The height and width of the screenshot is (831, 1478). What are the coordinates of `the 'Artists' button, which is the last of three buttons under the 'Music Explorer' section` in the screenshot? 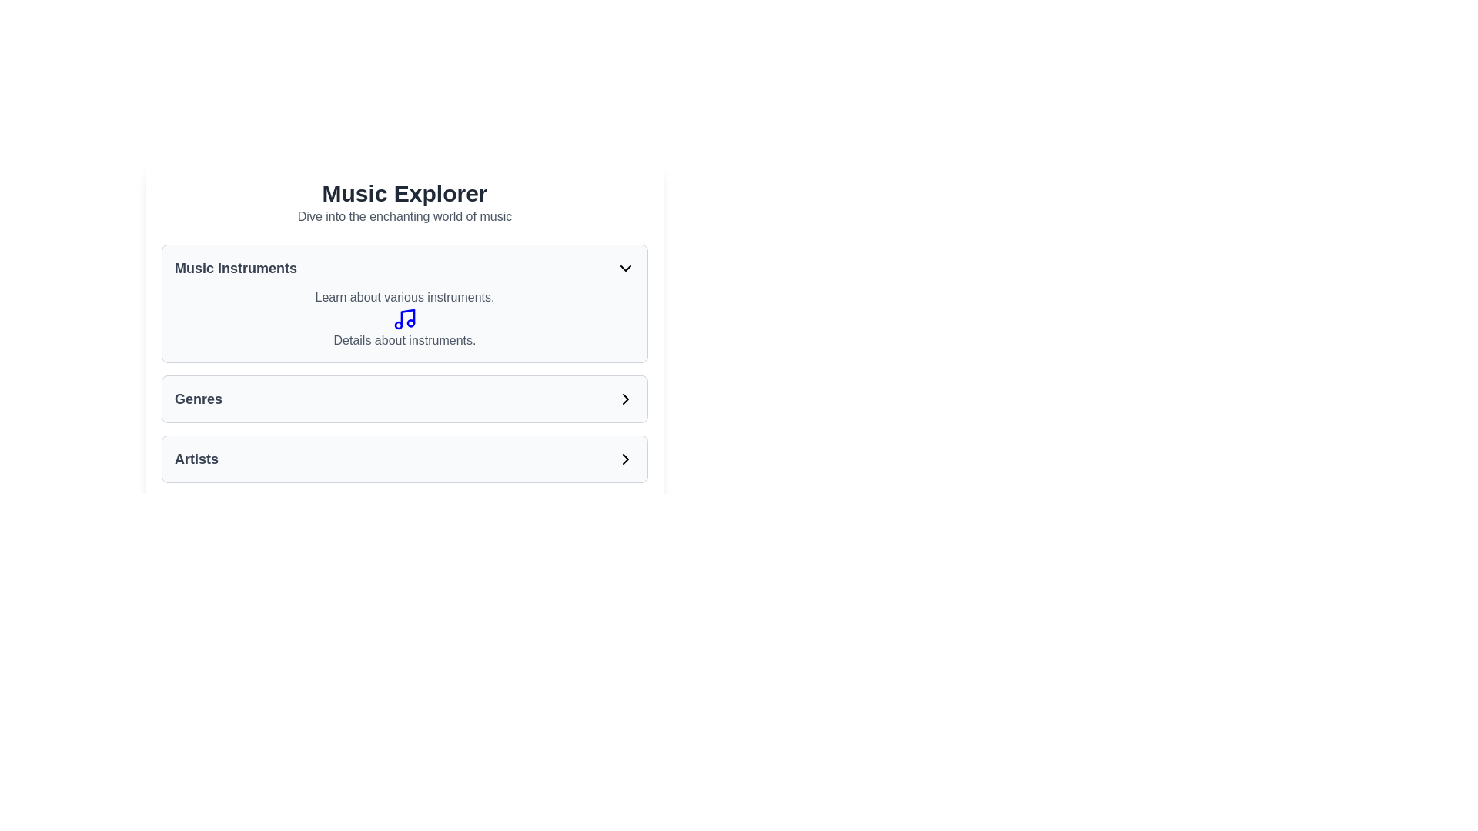 It's located at (405, 459).